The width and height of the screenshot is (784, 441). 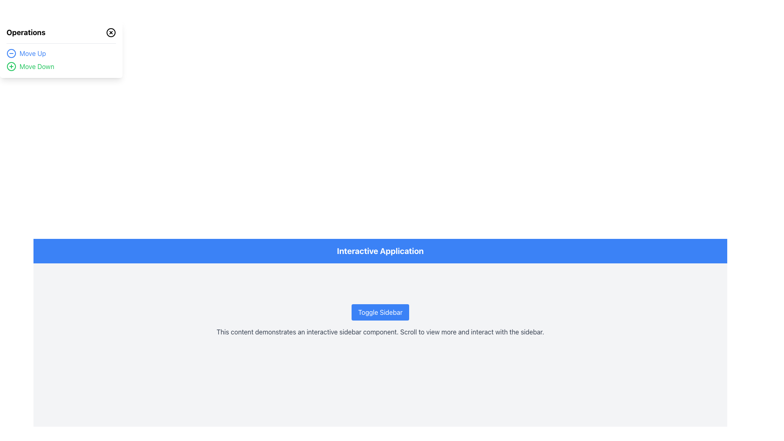 What do you see at coordinates (111, 32) in the screenshot?
I see `the SVG Circle that forms the outer border of the close or cancel icon located in the top-right corner of the Operations section` at bounding box center [111, 32].